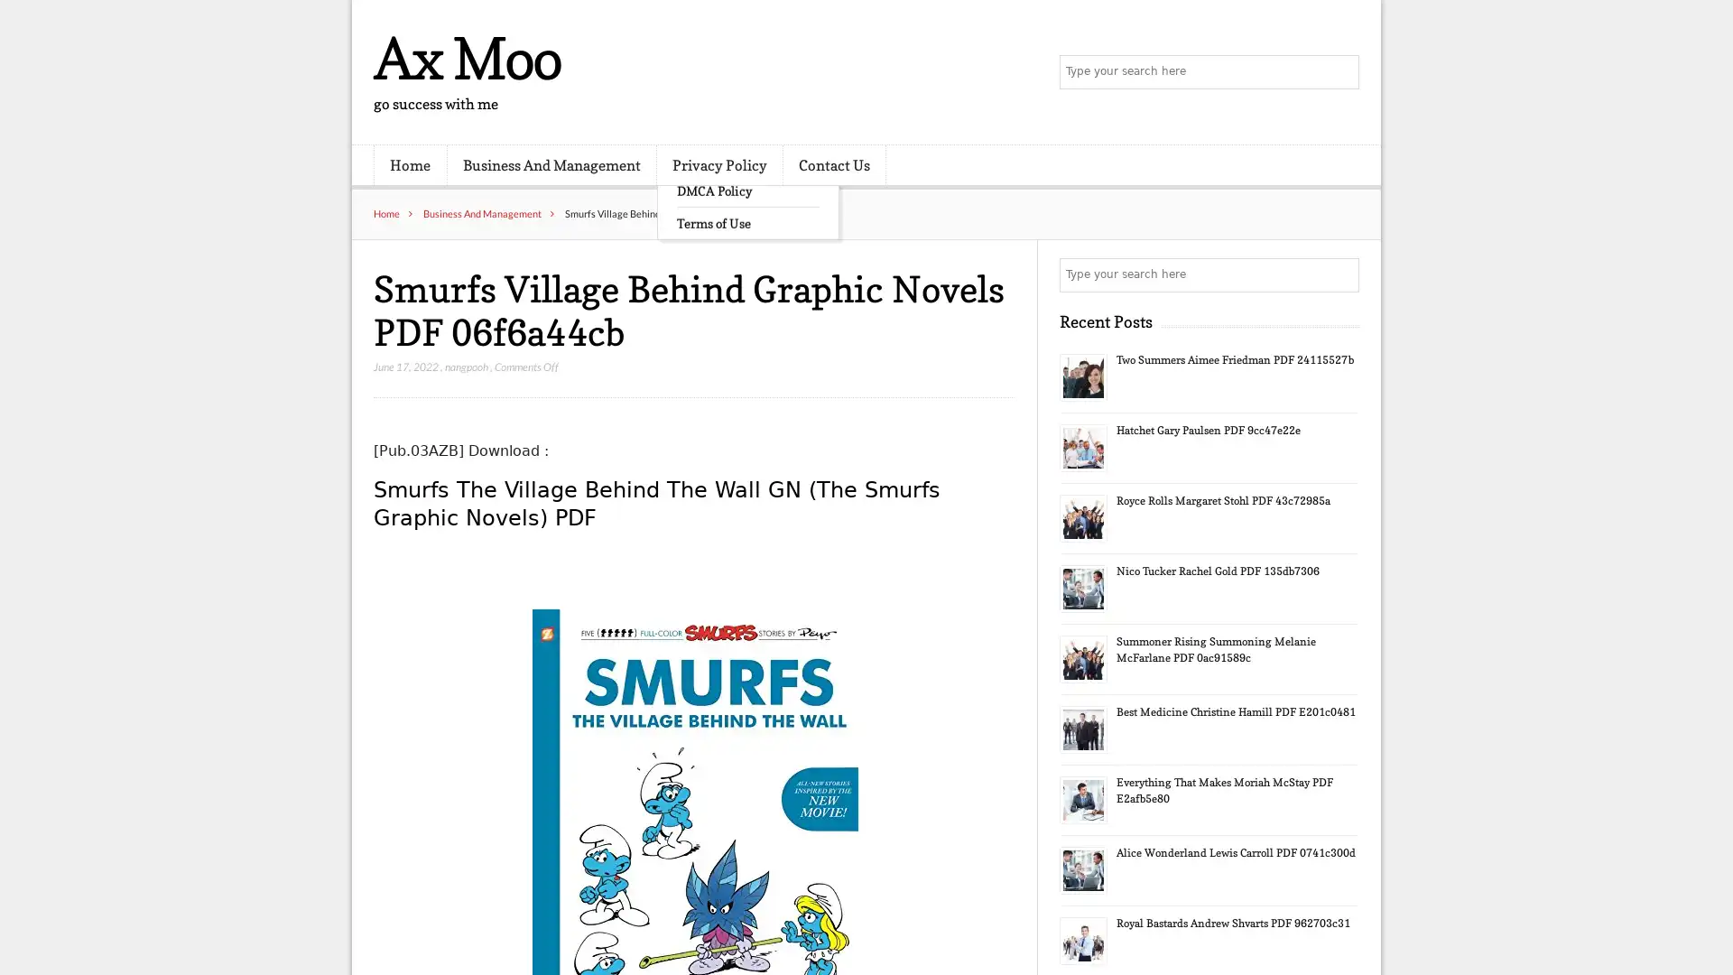 The height and width of the screenshot is (975, 1733). Describe the element at coordinates (1340, 274) in the screenshot. I see `Search` at that location.